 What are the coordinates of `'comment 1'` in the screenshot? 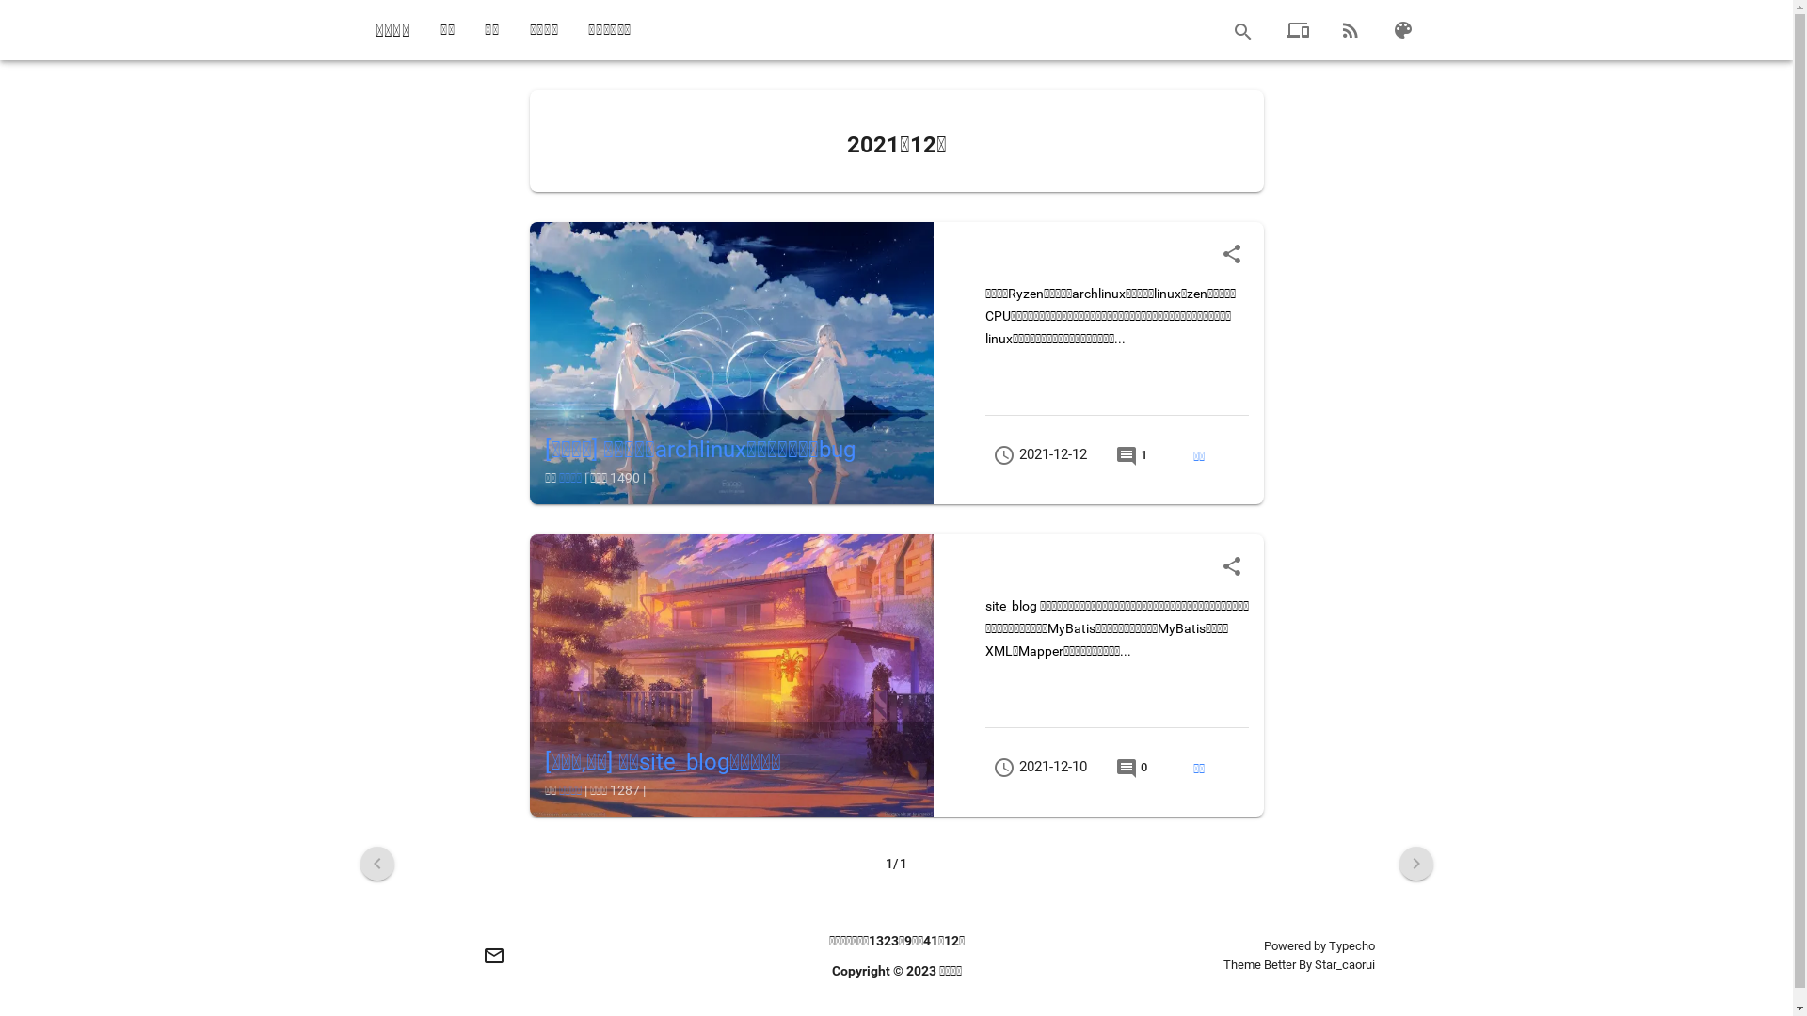 It's located at (1129, 454).